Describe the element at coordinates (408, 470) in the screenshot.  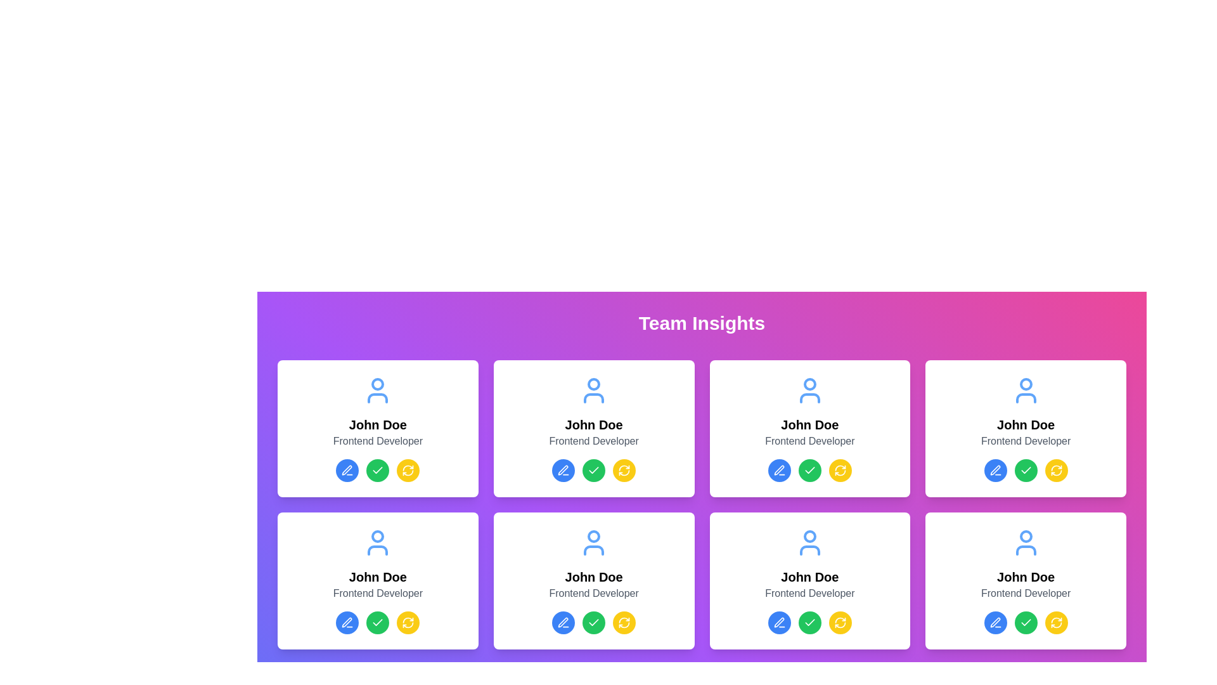
I see `the third circular button in a group of three buttons at the bottom of the user information card to observe the hover effect` at that location.